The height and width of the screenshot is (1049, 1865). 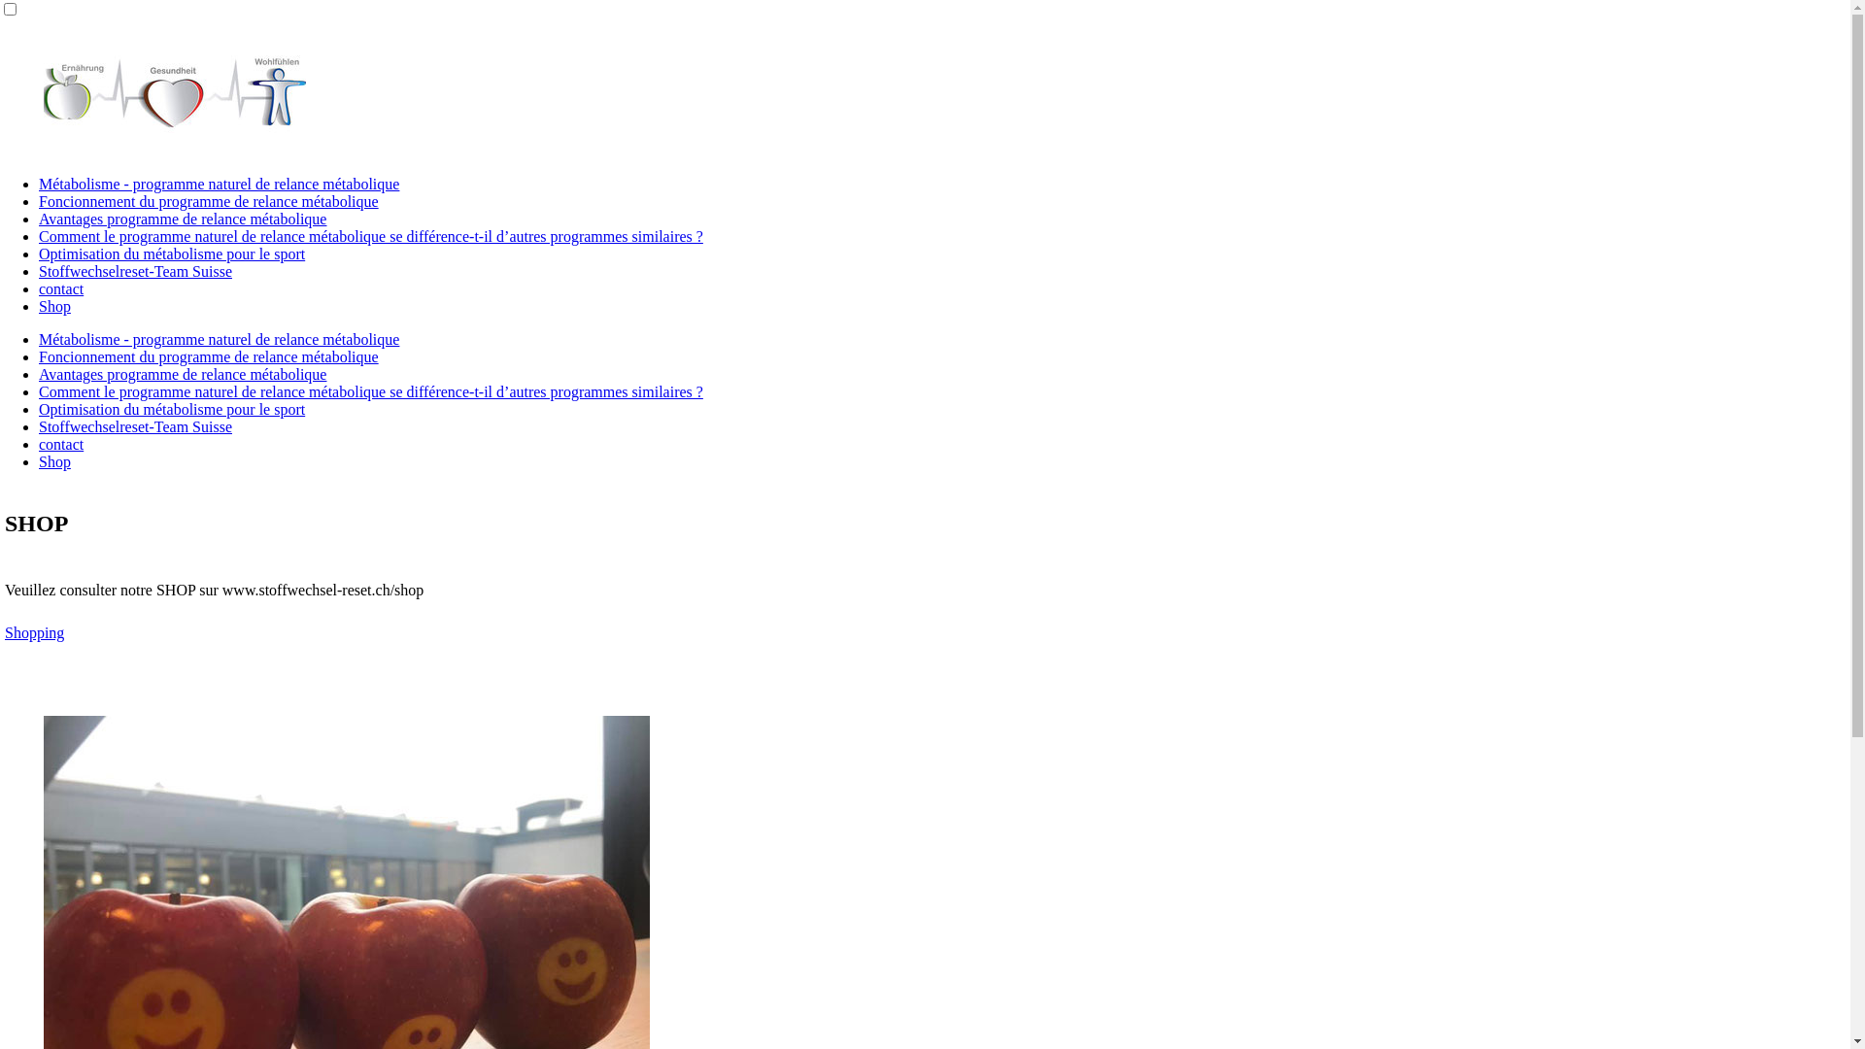 What do you see at coordinates (38, 288) in the screenshot?
I see `'contact'` at bounding box center [38, 288].